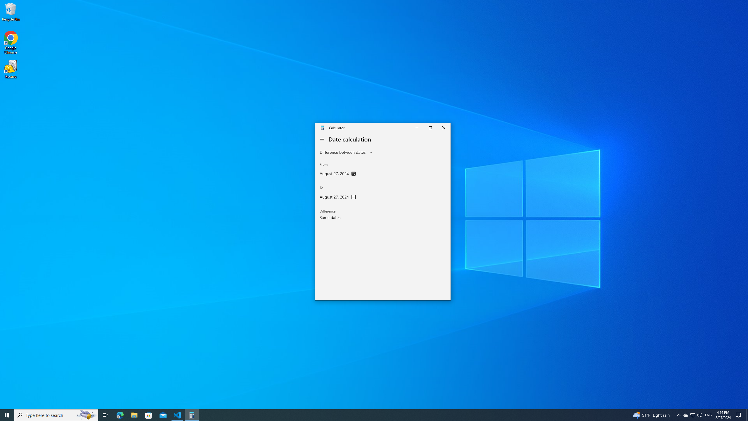 This screenshot has width=748, height=421. I want to click on 'Difference between dates', so click(342, 152).